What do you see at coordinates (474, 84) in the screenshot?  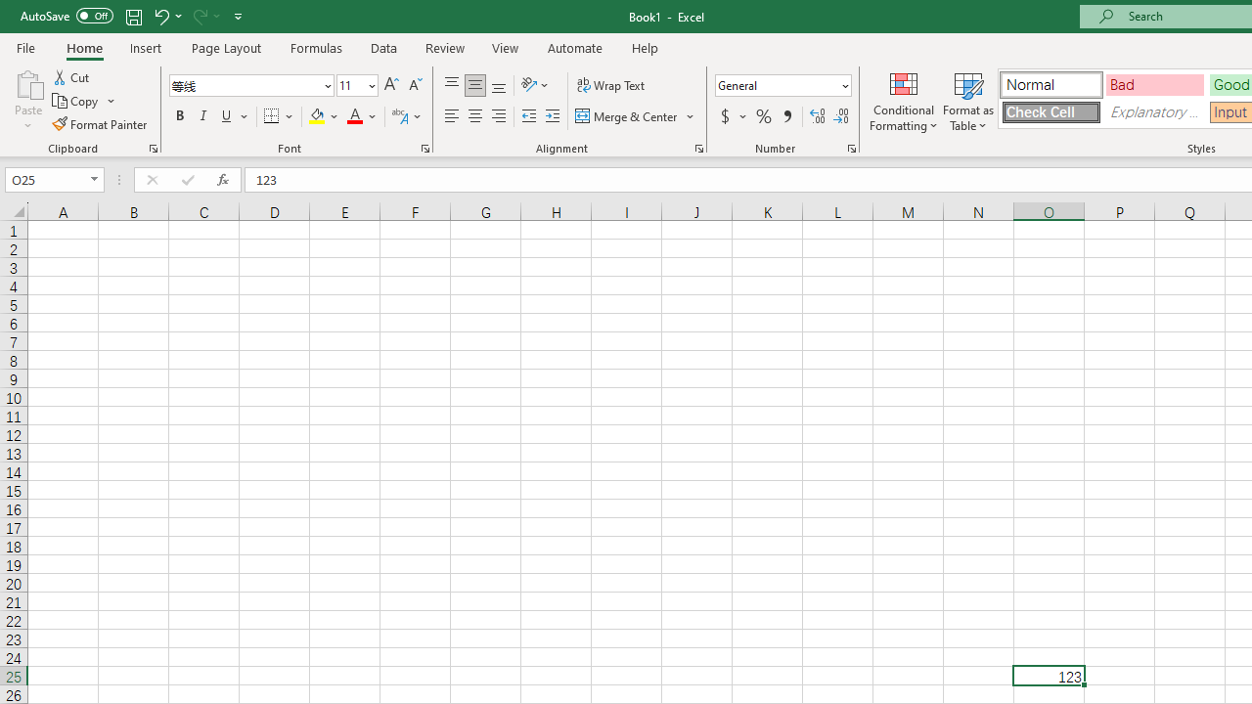 I see `'Middle Align'` at bounding box center [474, 84].